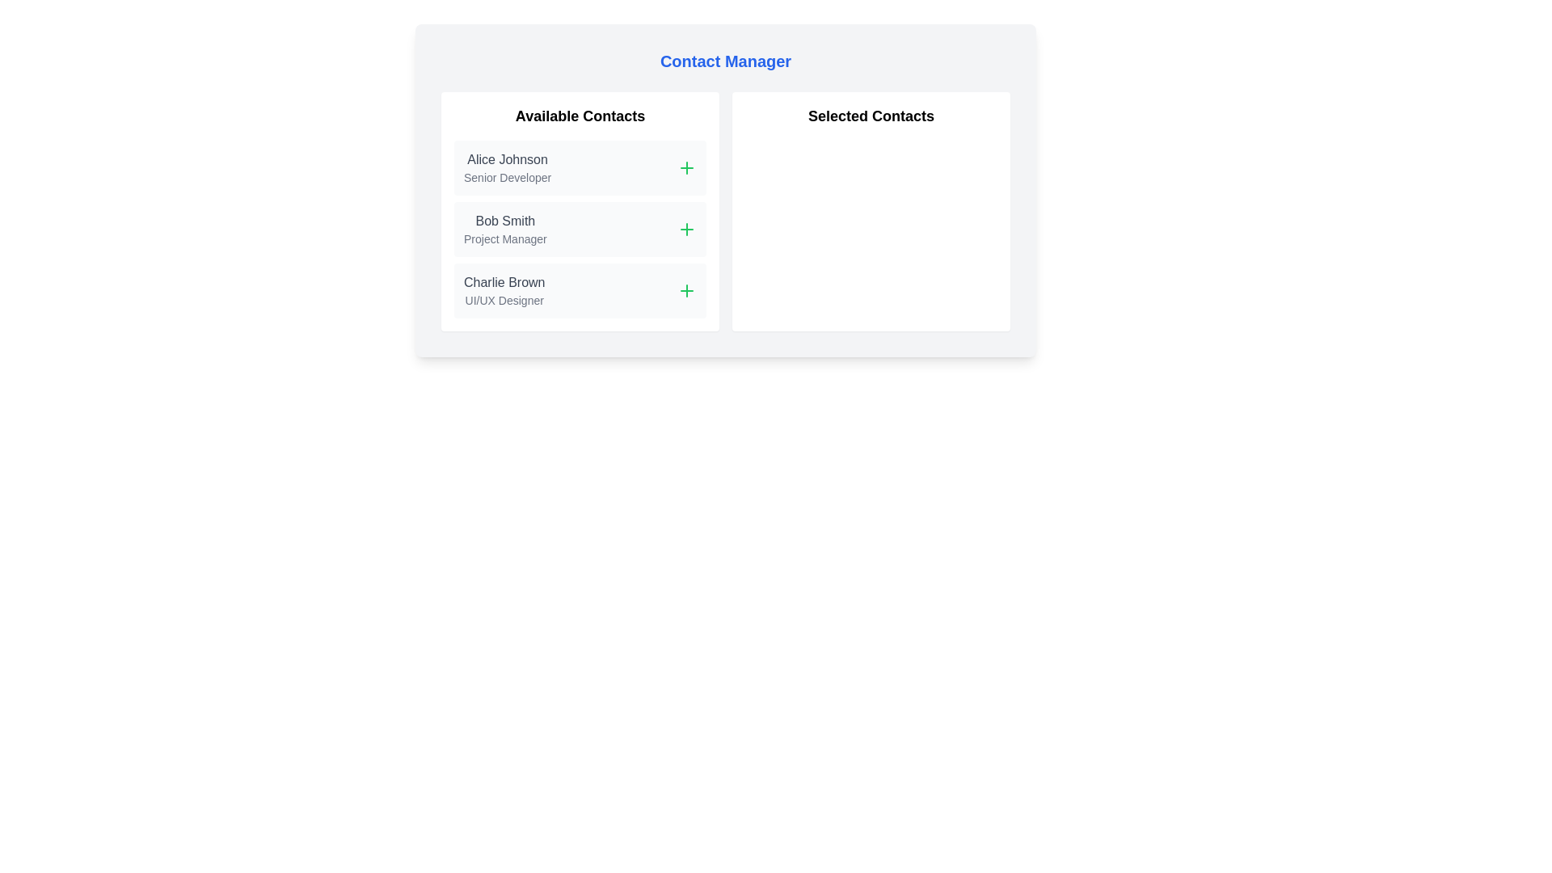  What do you see at coordinates (580, 230) in the screenshot?
I see `the List item containing 'Bob Smith Project Manager'` at bounding box center [580, 230].